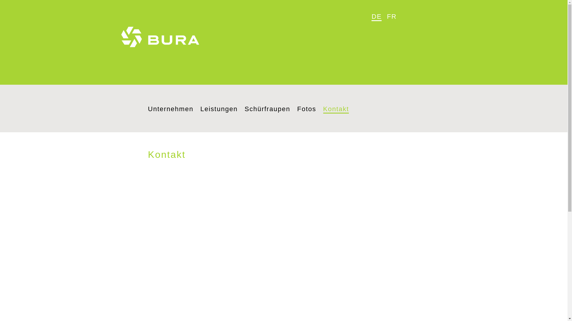  What do you see at coordinates (147, 109) in the screenshot?
I see `'Unternehmen'` at bounding box center [147, 109].